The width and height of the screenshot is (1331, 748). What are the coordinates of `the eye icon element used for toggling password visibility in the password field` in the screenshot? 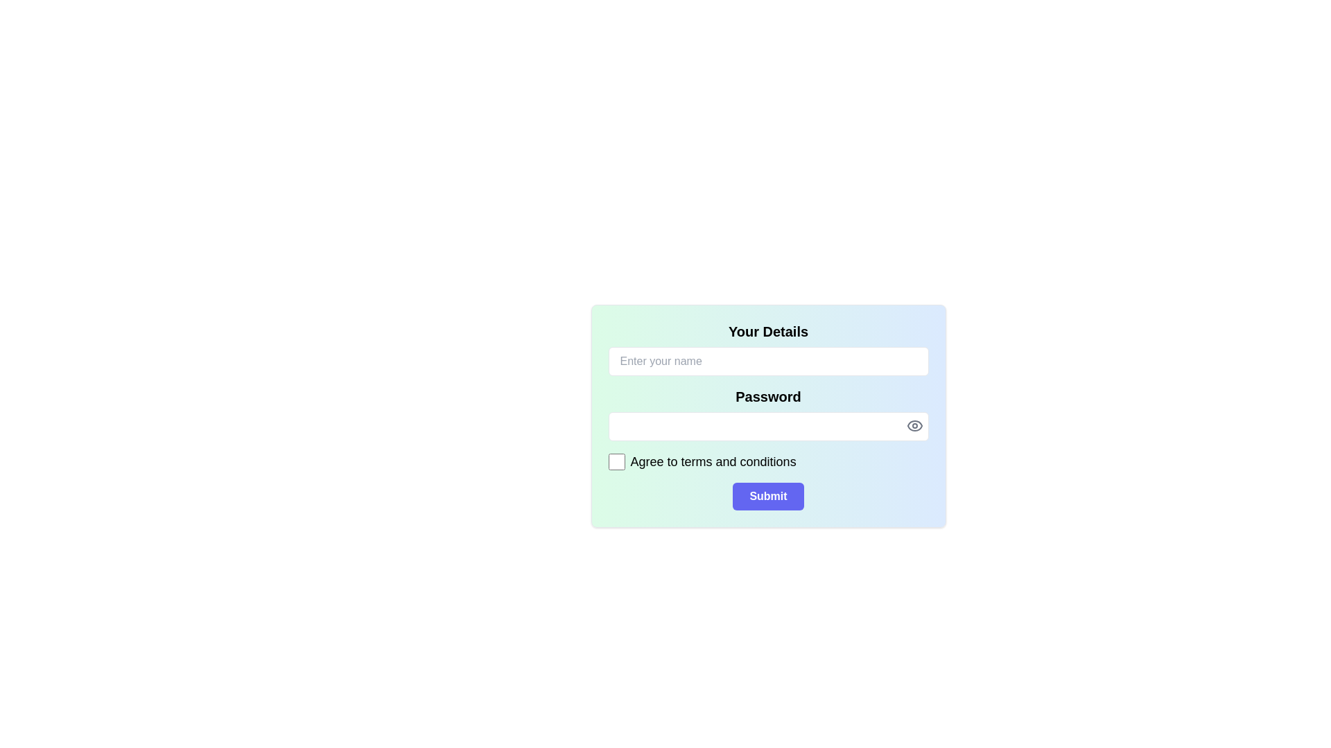 It's located at (914, 425).